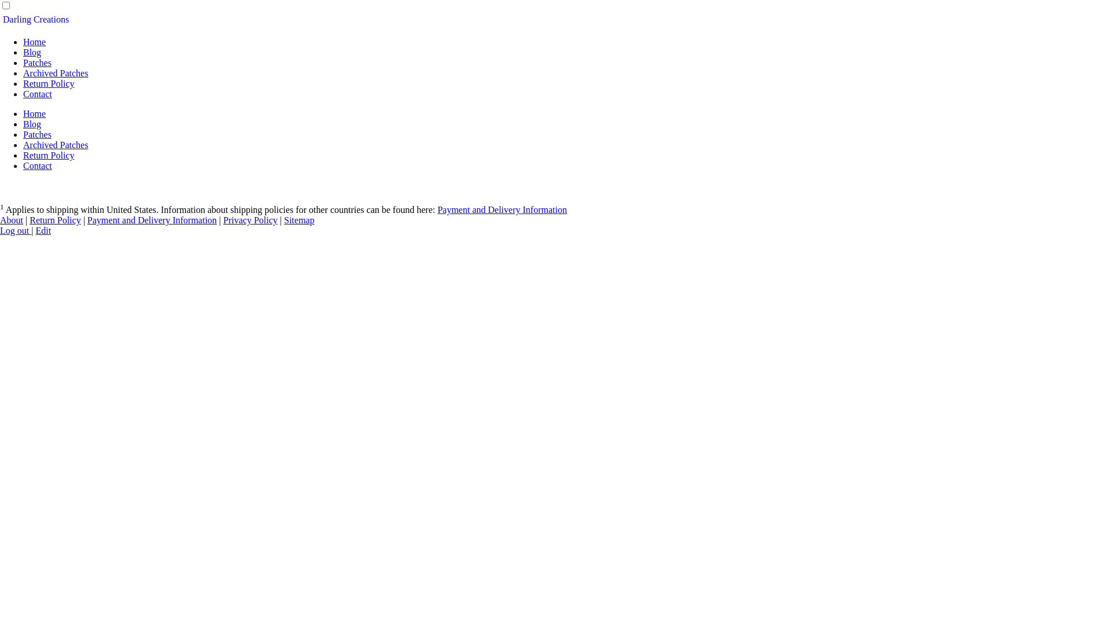  What do you see at coordinates (43, 230) in the screenshot?
I see `'Edit'` at bounding box center [43, 230].